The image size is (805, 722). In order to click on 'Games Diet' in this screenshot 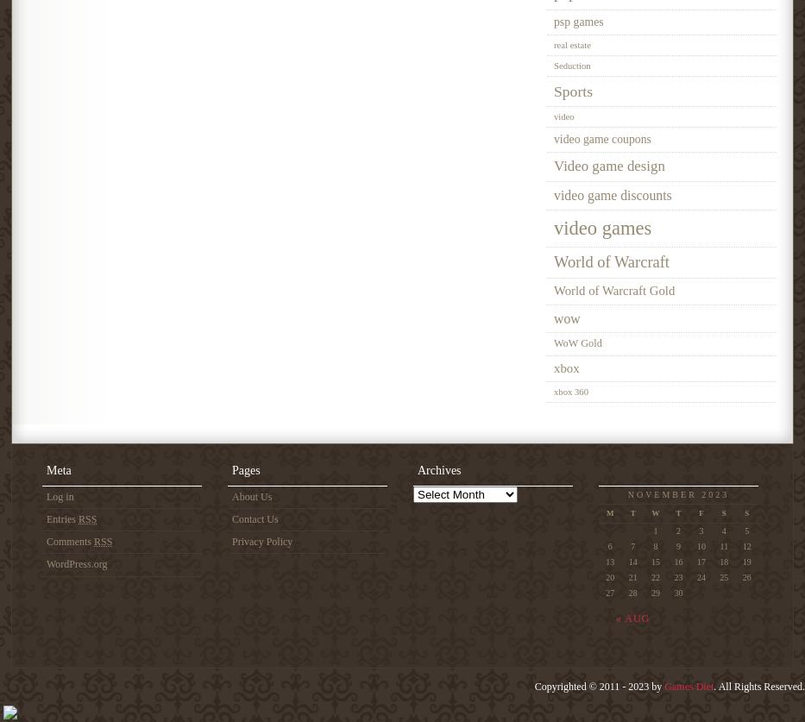, I will do `click(663, 684)`.